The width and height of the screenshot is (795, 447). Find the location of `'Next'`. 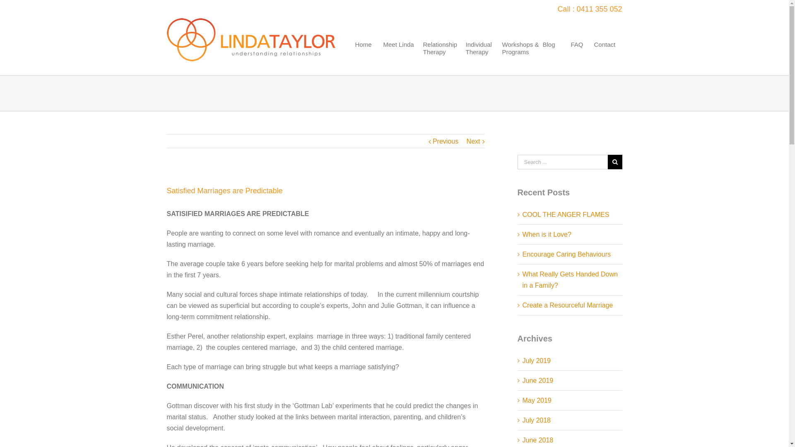

'Next' is located at coordinates (473, 141).